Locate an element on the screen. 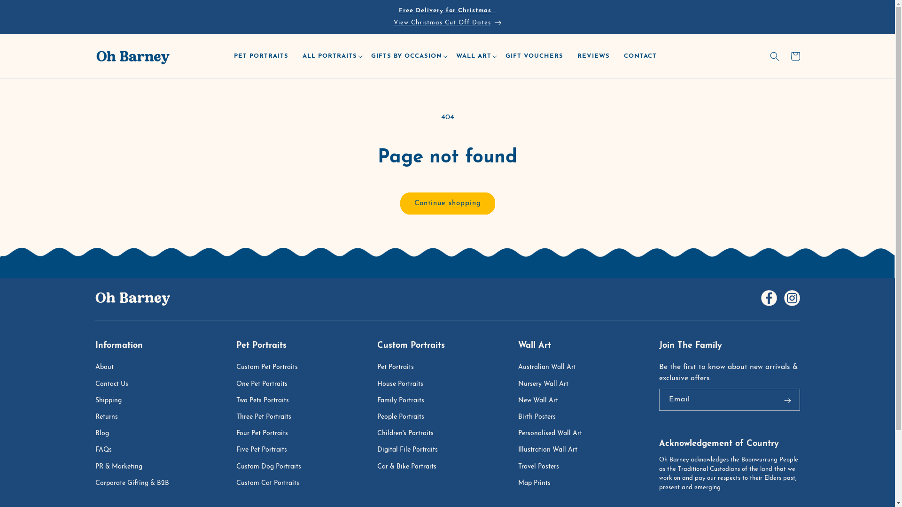  'Cart' is located at coordinates (794, 56).